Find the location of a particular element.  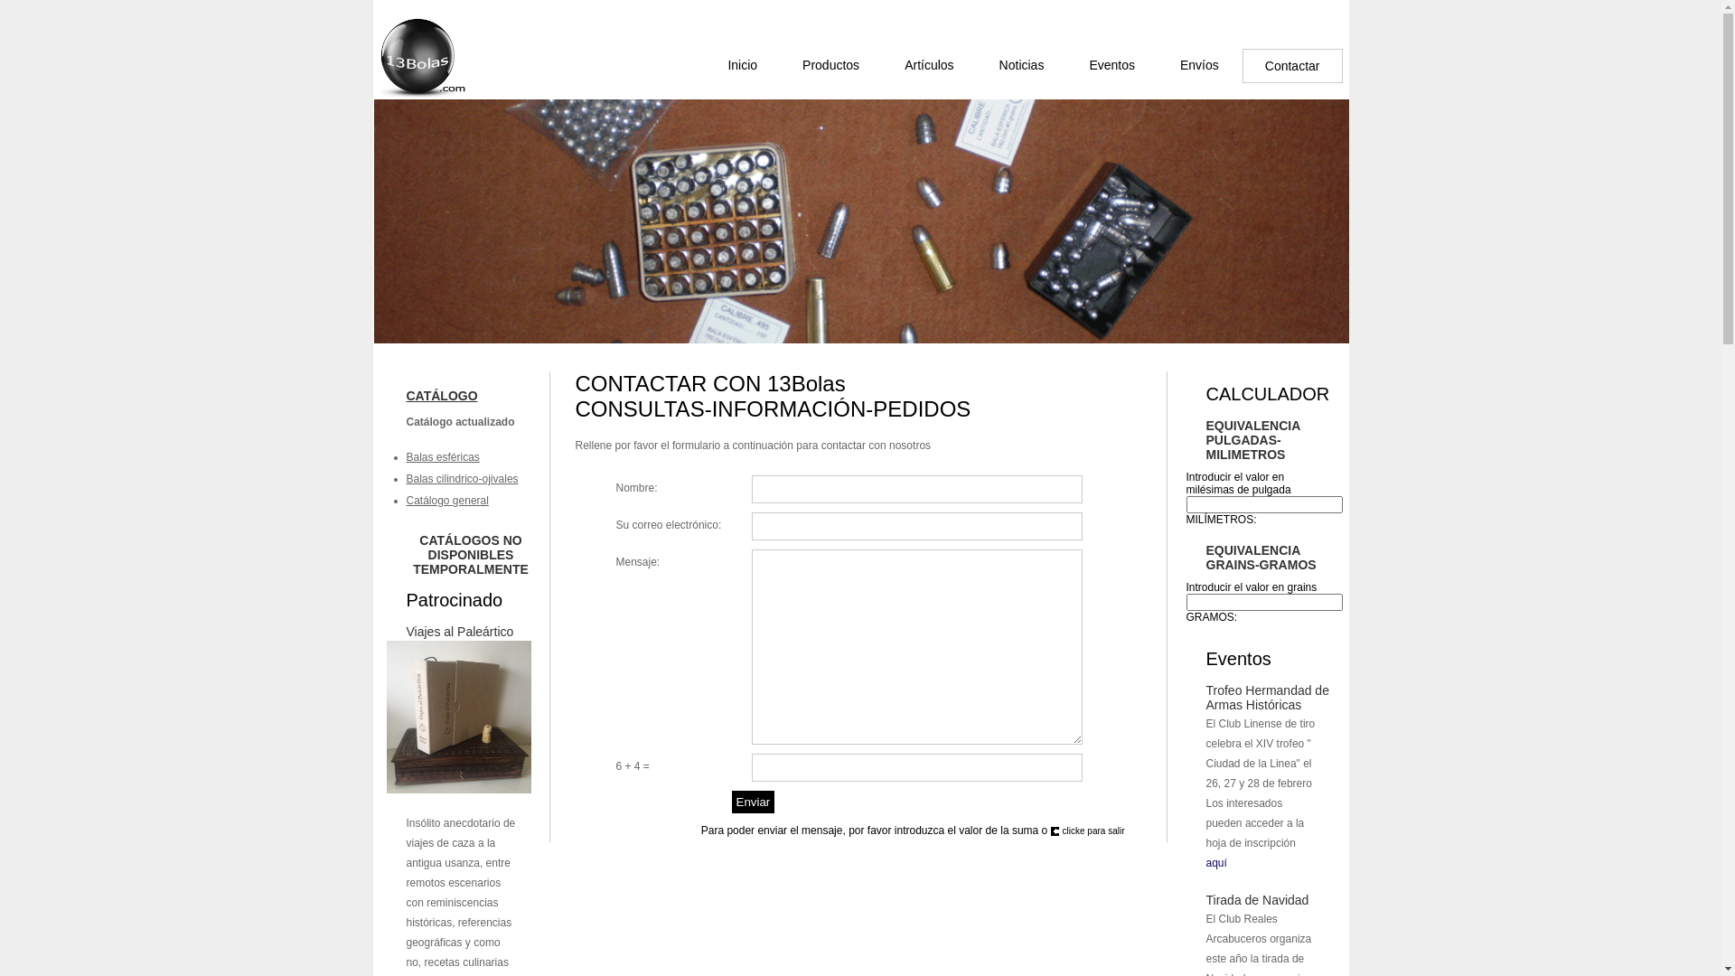

'Contactar' is located at coordinates (1291, 65).